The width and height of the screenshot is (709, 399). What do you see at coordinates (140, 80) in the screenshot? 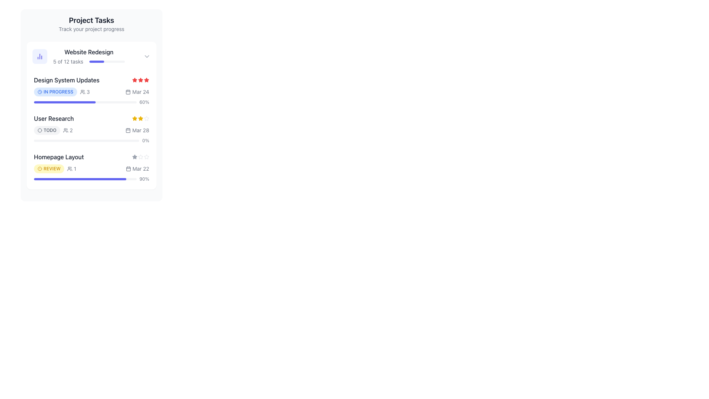
I see `the third star icon in the interactive rating system, located next to the 'Design System Updates' task entry` at bounding box center [140, 80].